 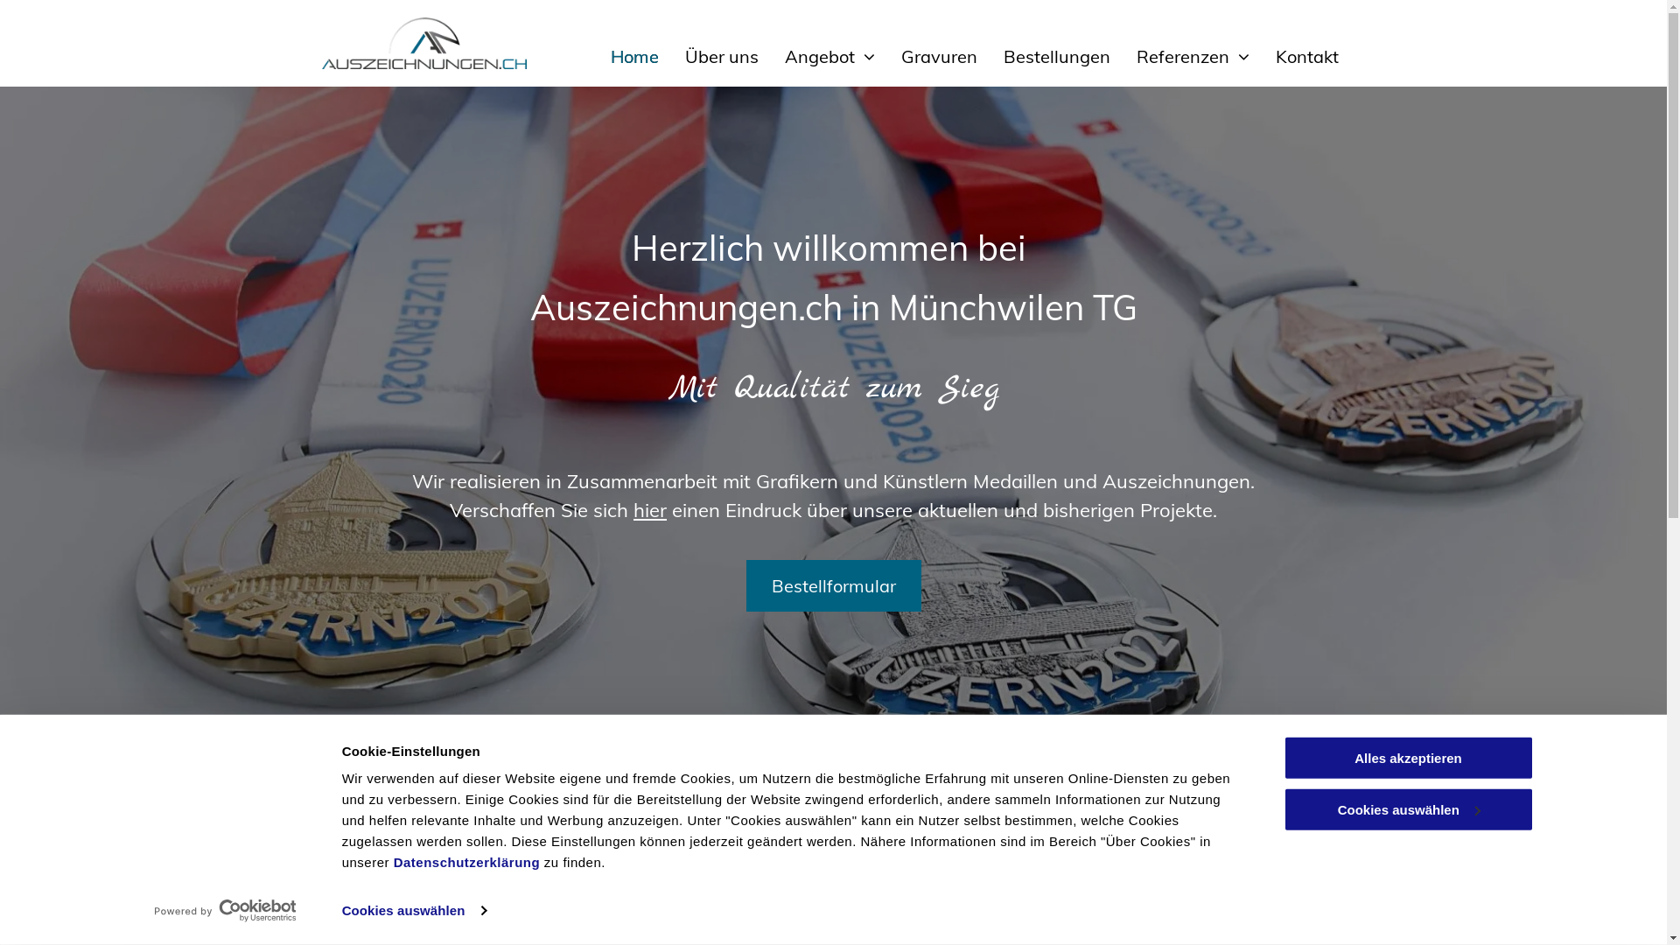 I want to click on 'Bestellformular', so click(x=831, y=585).